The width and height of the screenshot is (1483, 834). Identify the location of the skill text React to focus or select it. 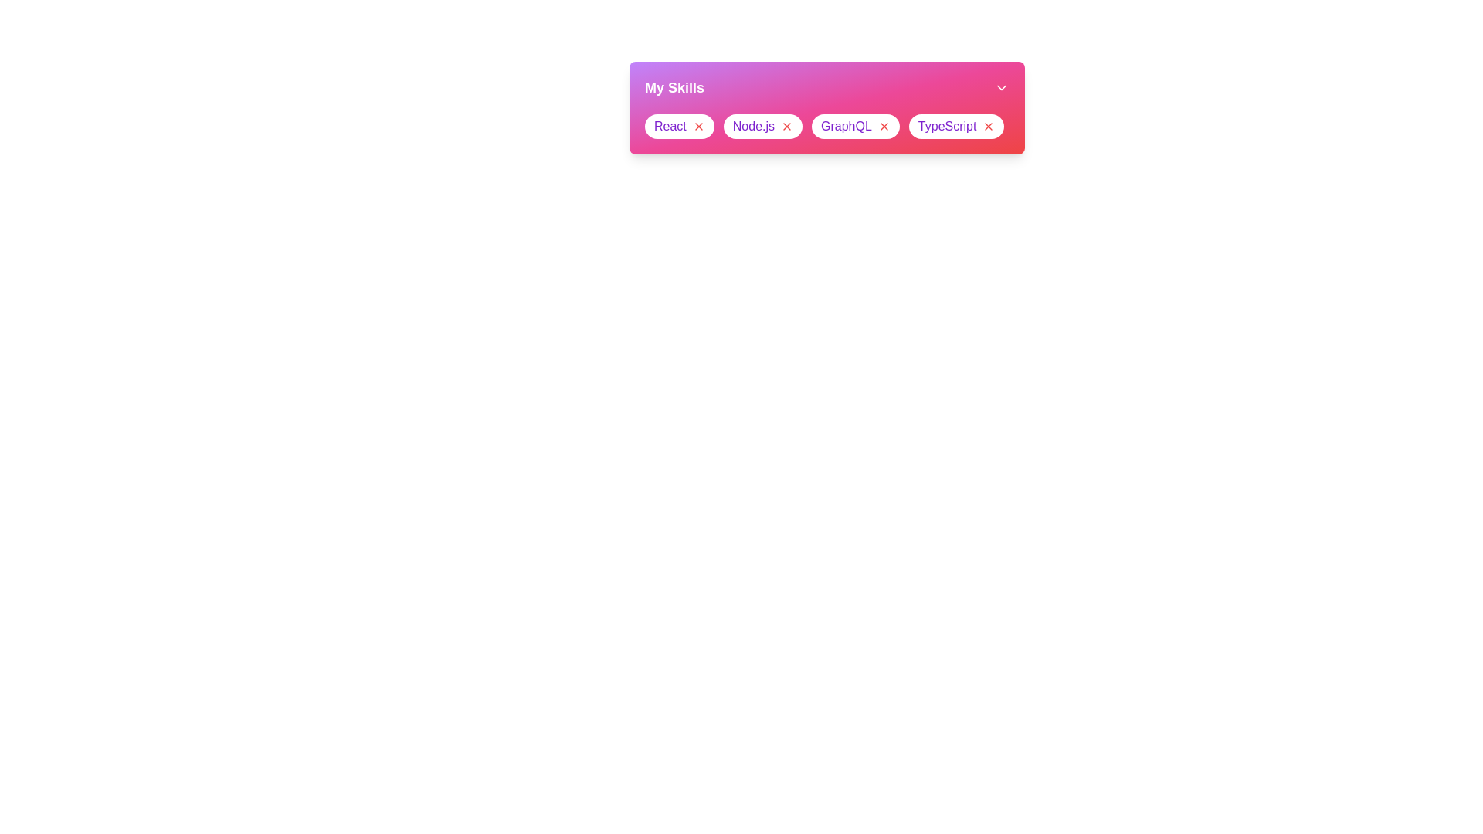
(670, 126).